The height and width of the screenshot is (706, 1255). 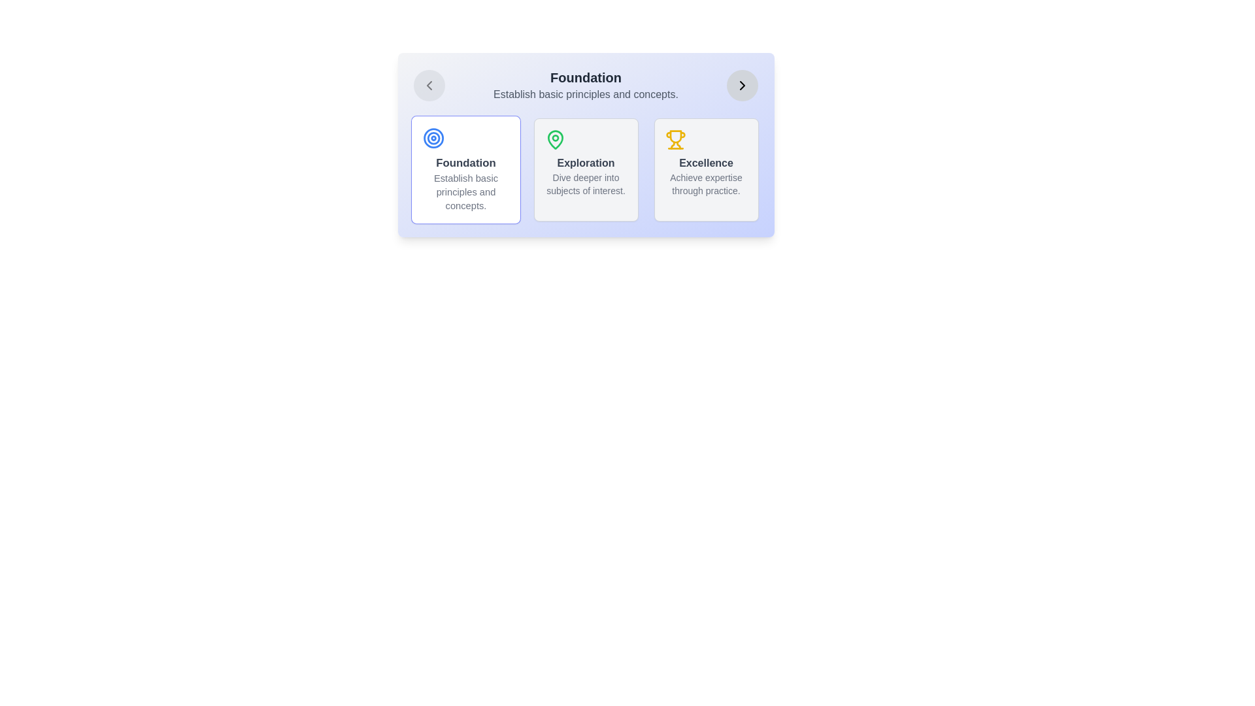 What do you see at coordinates (465, 192) in the screenshot?
I see `the descriptive text element that provides context for the 'Foundation' card, located directly below the title 'Foundation' within a bordered box` at bounding box center [465, 192].